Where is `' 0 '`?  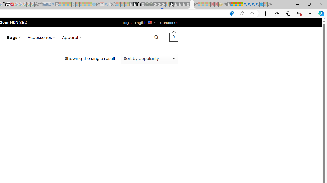 ' 0 ' is located at coordinates (173, 37).